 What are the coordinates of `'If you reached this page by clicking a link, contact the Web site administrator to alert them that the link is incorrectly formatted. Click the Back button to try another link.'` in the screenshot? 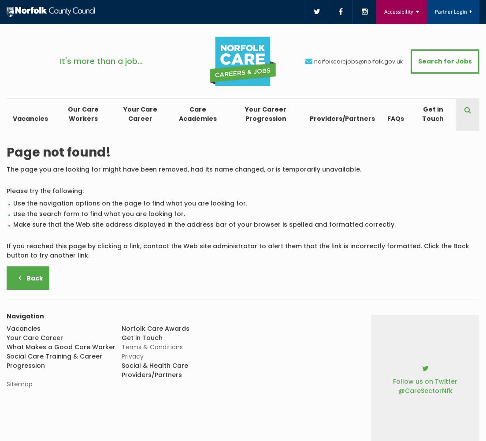 It's located at (237, 250).